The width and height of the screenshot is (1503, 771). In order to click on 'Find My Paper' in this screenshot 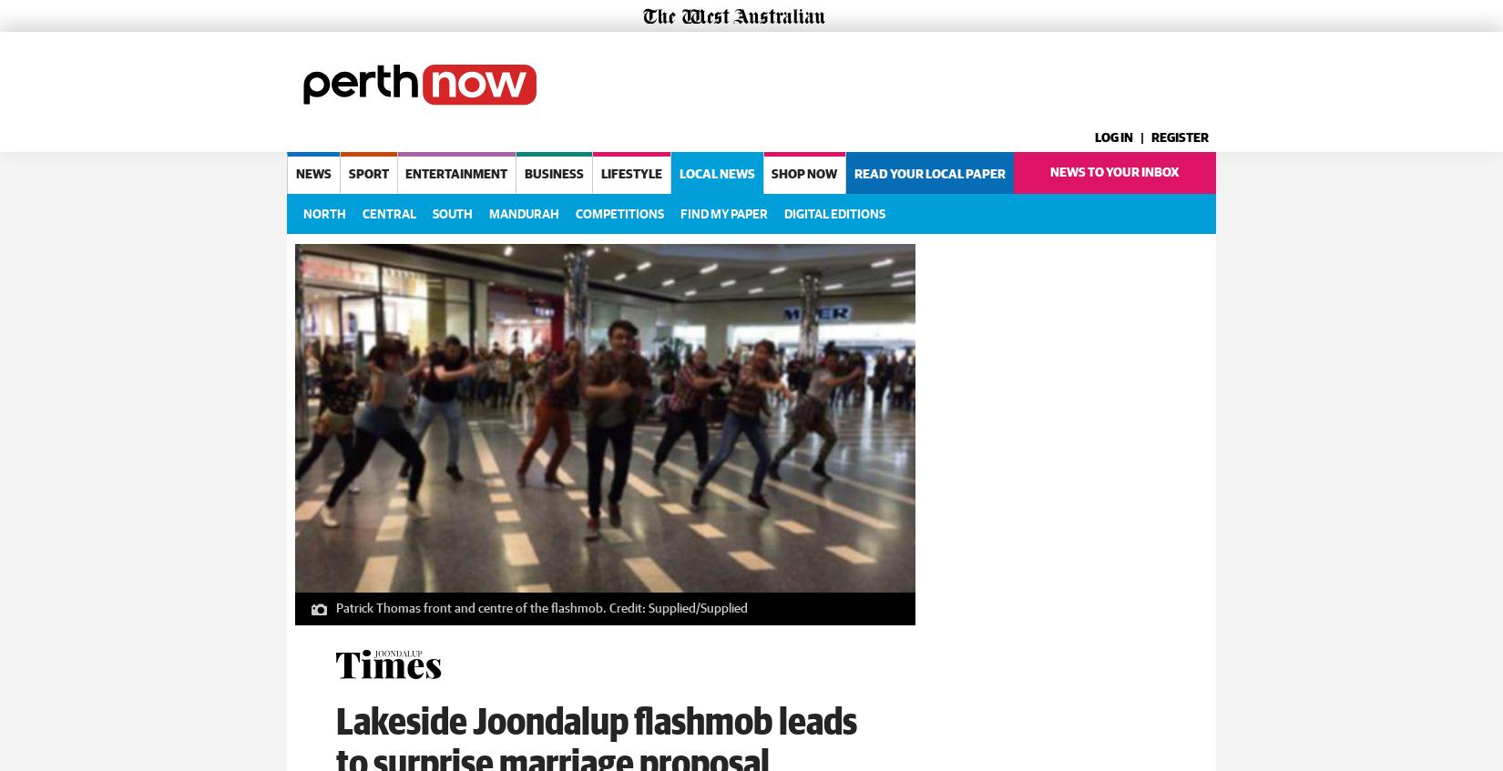, I will do `click(722, 213)`.